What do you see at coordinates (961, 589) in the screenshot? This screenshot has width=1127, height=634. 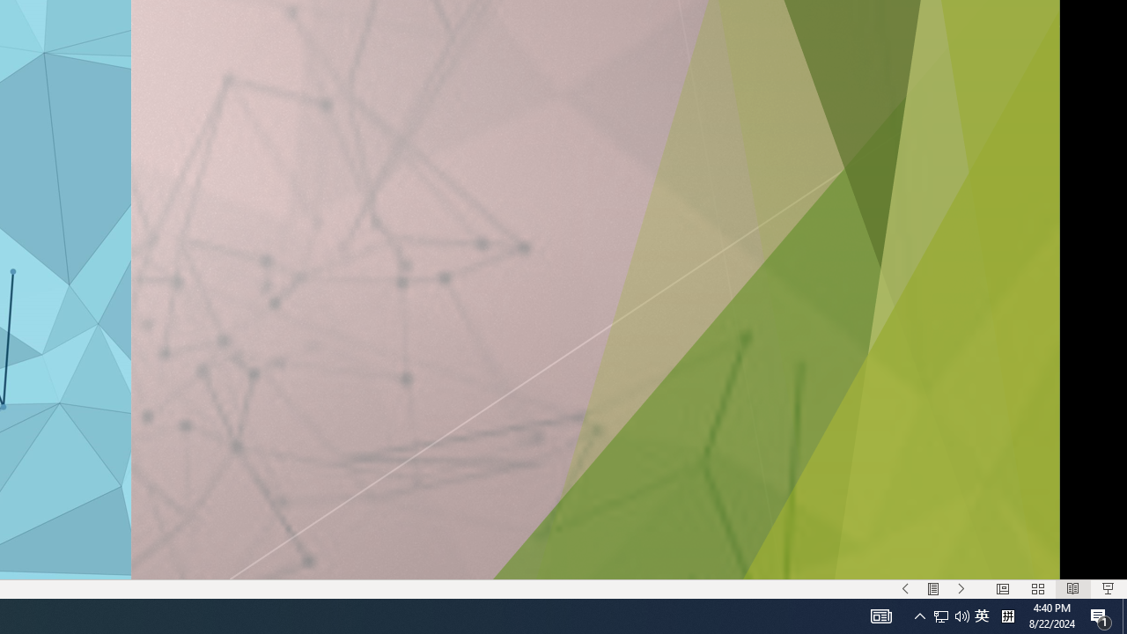 I see `'Slide Show Next On'` at bounding box center [961, 589].